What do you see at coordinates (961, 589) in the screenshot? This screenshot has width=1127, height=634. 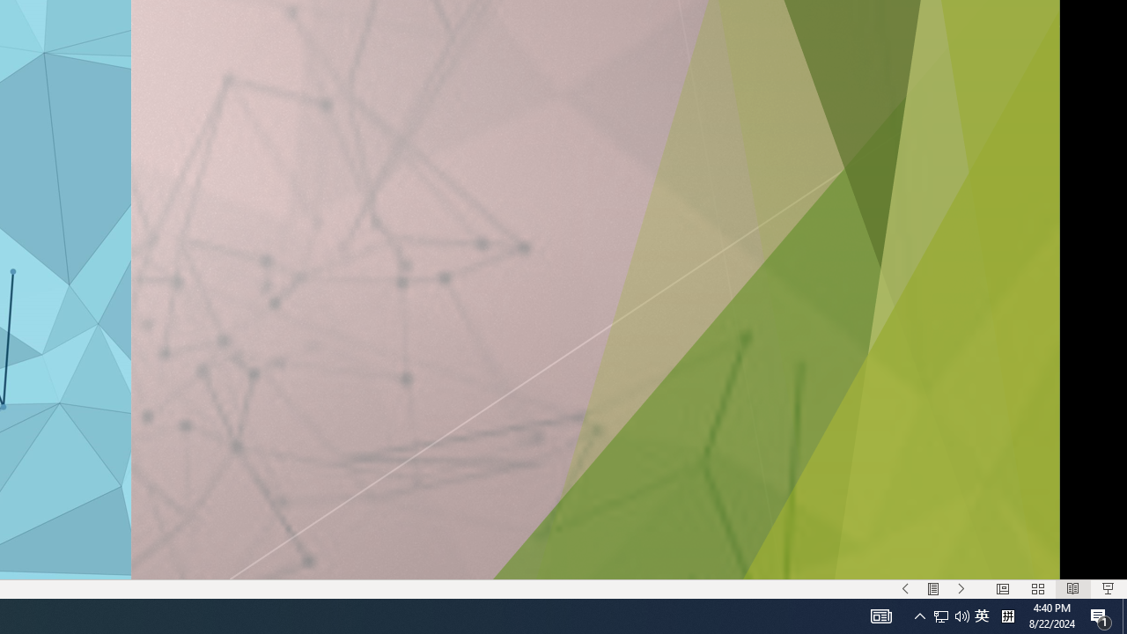 I see `'Slide Show Next On'` at bounding box center [961, 589].